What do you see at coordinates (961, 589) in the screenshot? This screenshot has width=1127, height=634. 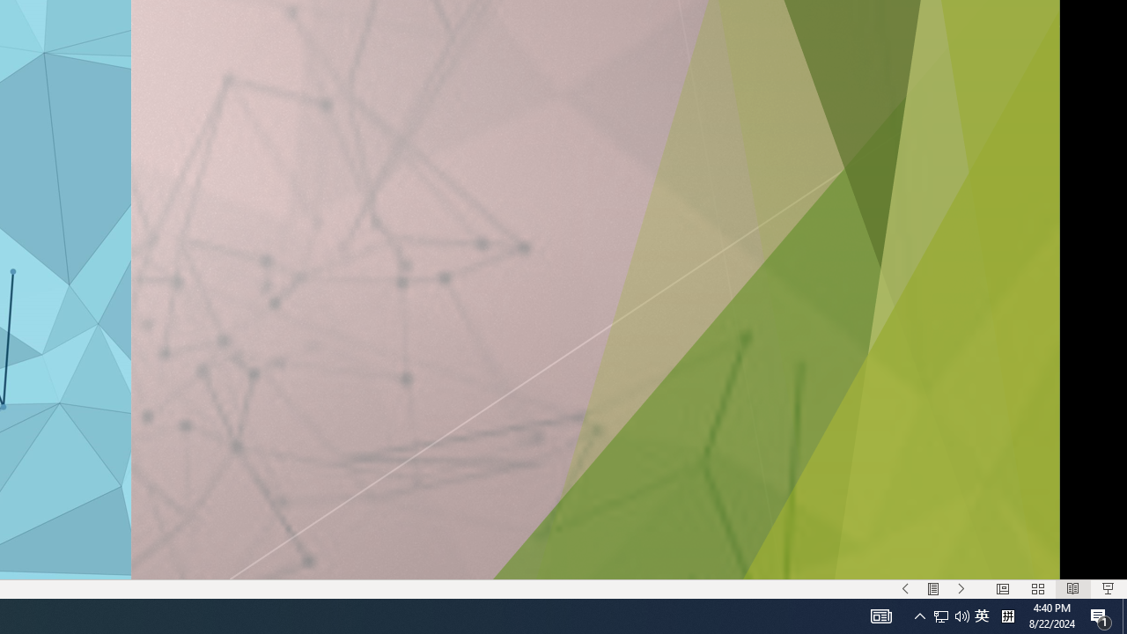 I see `'Slide Show Next On'` at bounding box center [961, 589].